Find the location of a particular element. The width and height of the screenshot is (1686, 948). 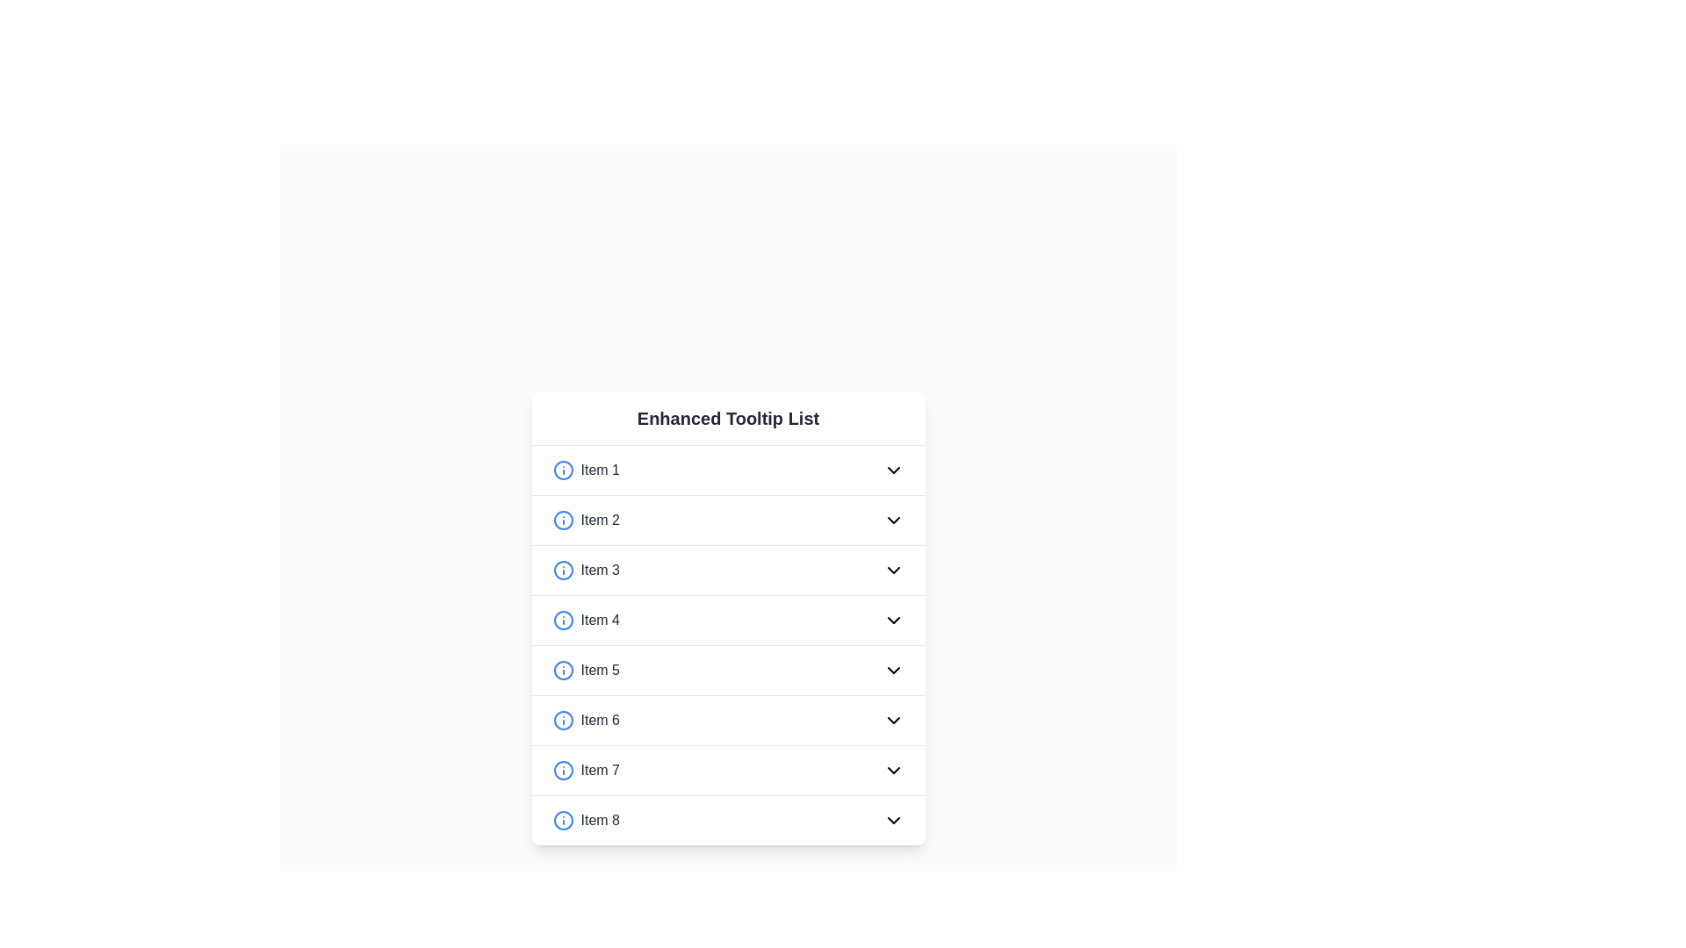

text of the label located in the third row of the vertical list, positioned between 'Item 2' and 'Item 4', centered between an informational circular icon and a dropdown arrow icon is located at coordinates (600, 571).